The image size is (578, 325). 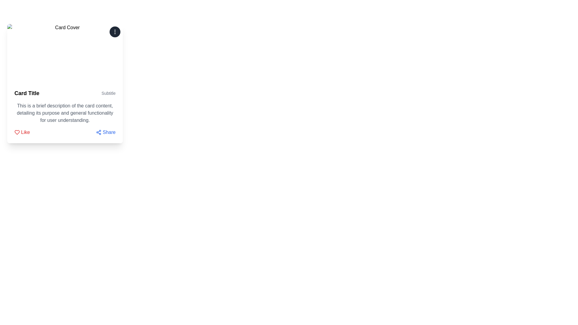 What do you see at coordinates (65, 113) in the screenshot?
I see `text block located in the central lower part of the card, positioned below the title and subtitle, and above the Like and Share options` at bounding box center [65, 113].